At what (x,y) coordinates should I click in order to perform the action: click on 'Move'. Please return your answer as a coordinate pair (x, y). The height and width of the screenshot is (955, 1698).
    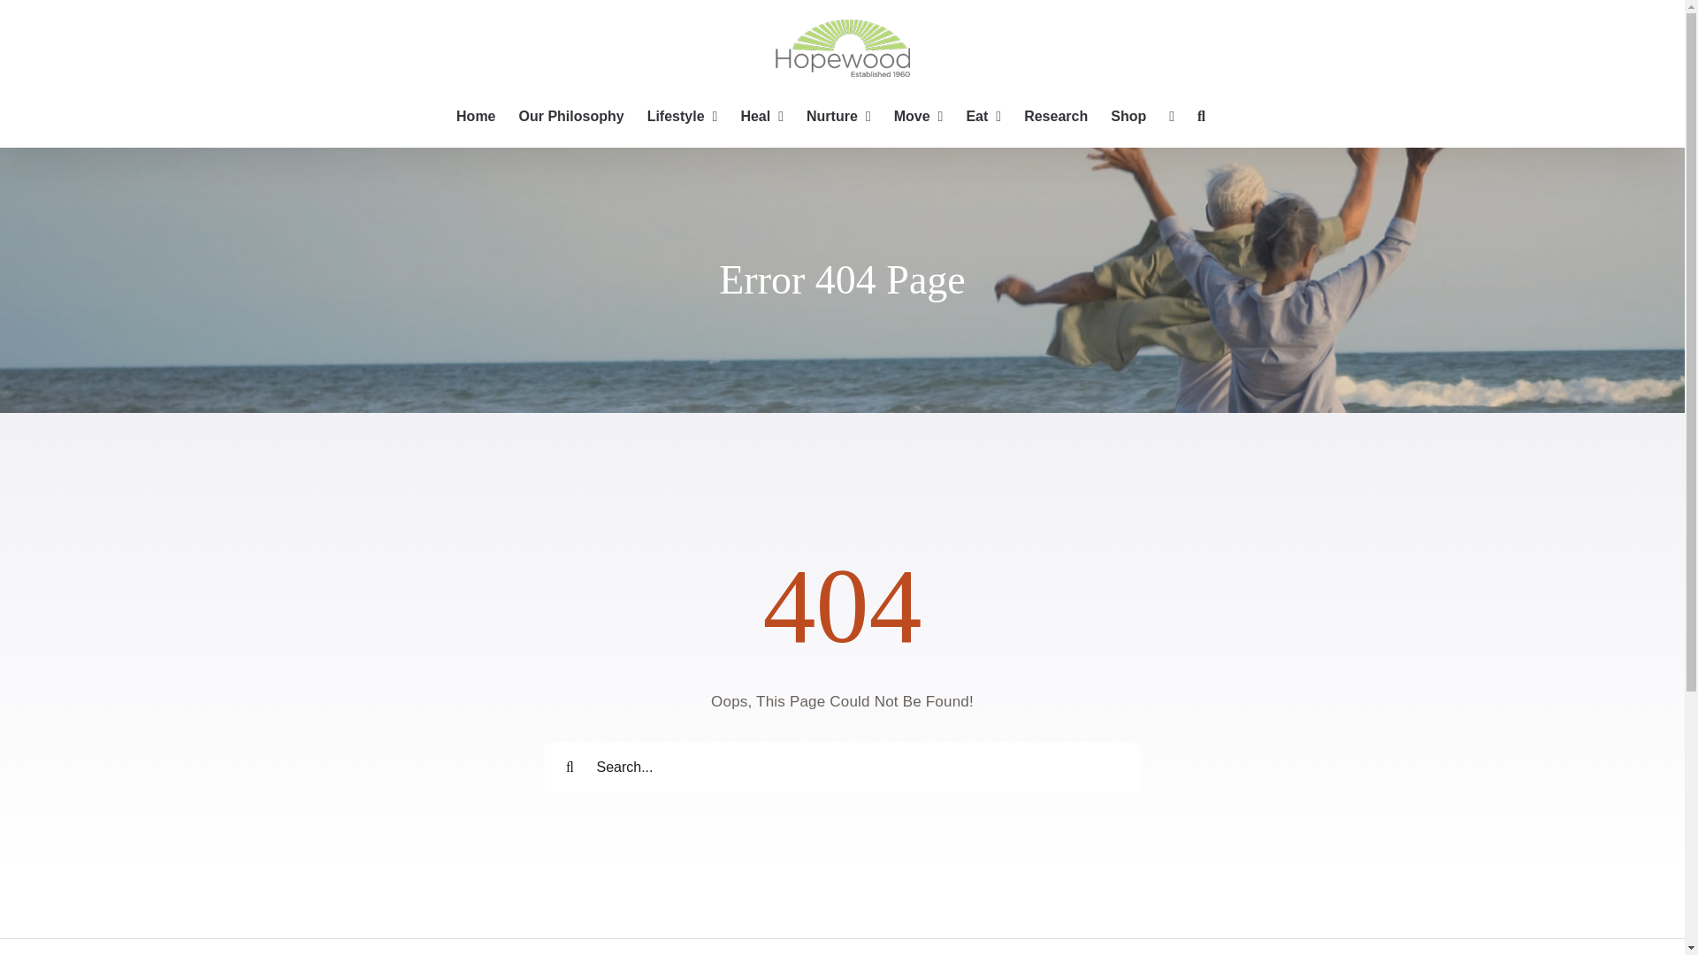
    Looking at the image, I should click on (918, 116).